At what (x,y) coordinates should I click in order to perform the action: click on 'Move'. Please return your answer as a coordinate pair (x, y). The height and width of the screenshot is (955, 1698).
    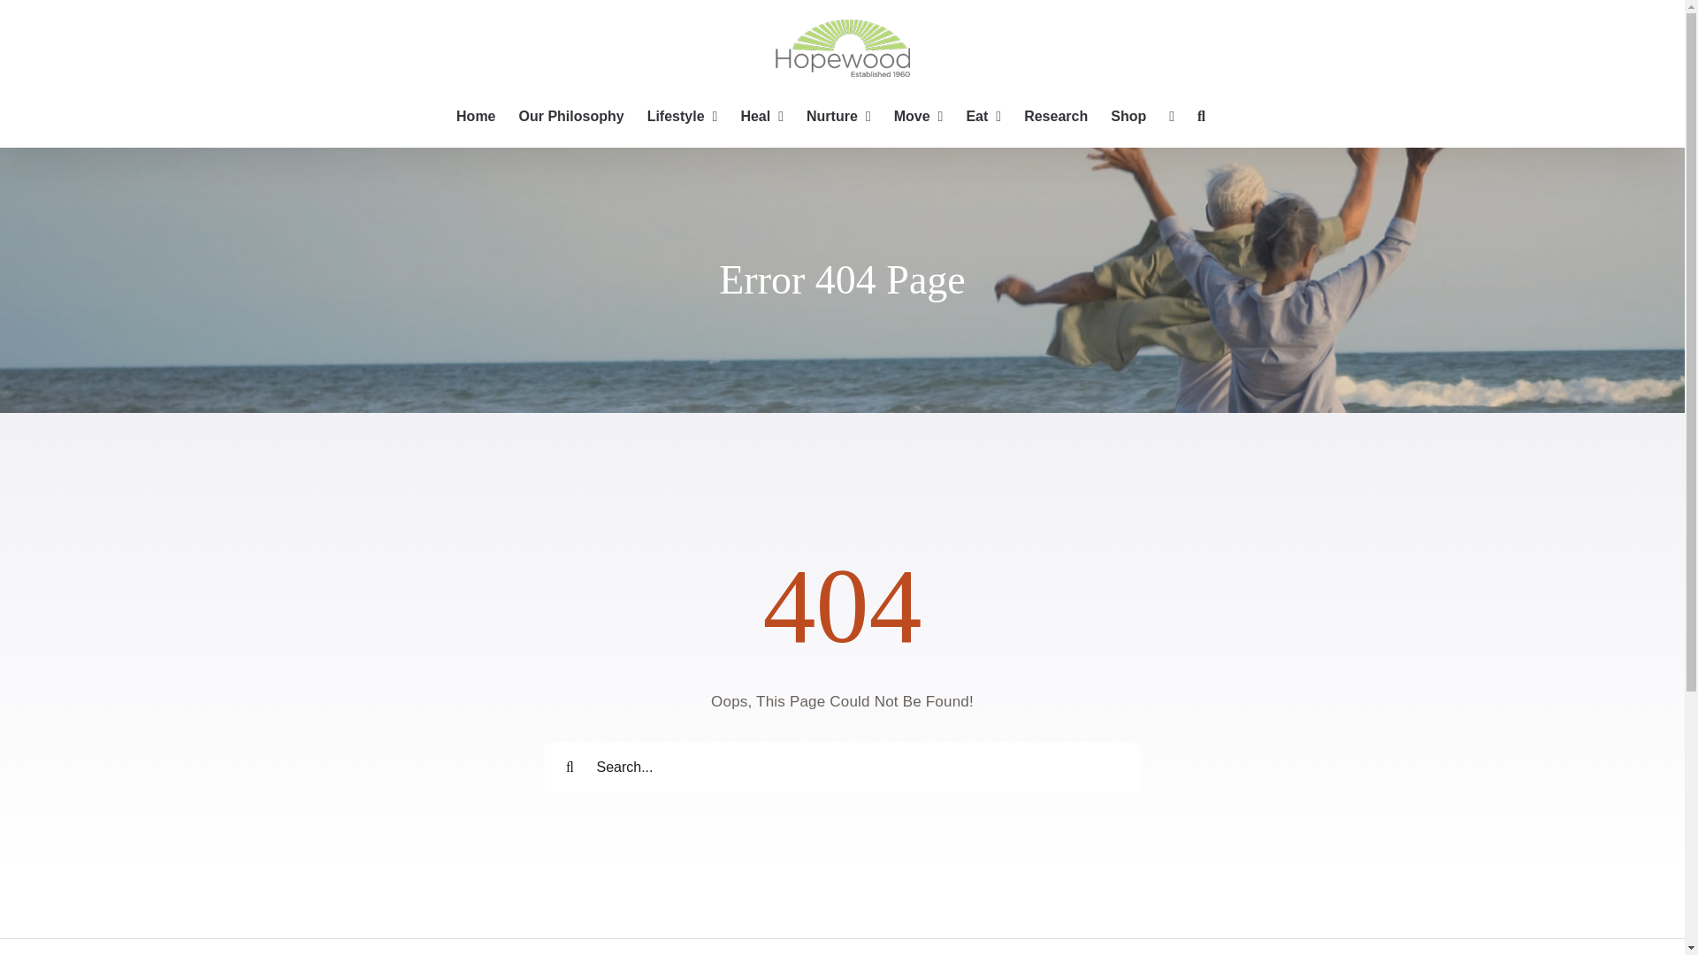
    Looking at the image, I should click on (918, 116).